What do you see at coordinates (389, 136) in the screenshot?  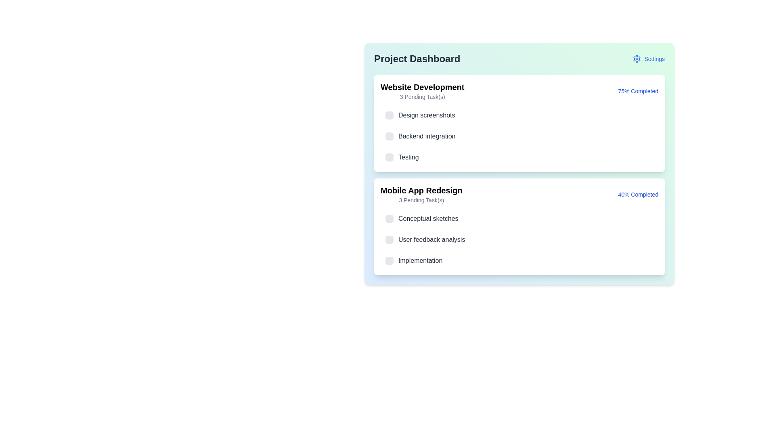 I see `the small, square-shaped checkbox with a light gray background and thin border that is positioned to the left of the 'Backend integration' label in the 'Website Development' section of the Project Dashboard` at bounding box center [389, 136].